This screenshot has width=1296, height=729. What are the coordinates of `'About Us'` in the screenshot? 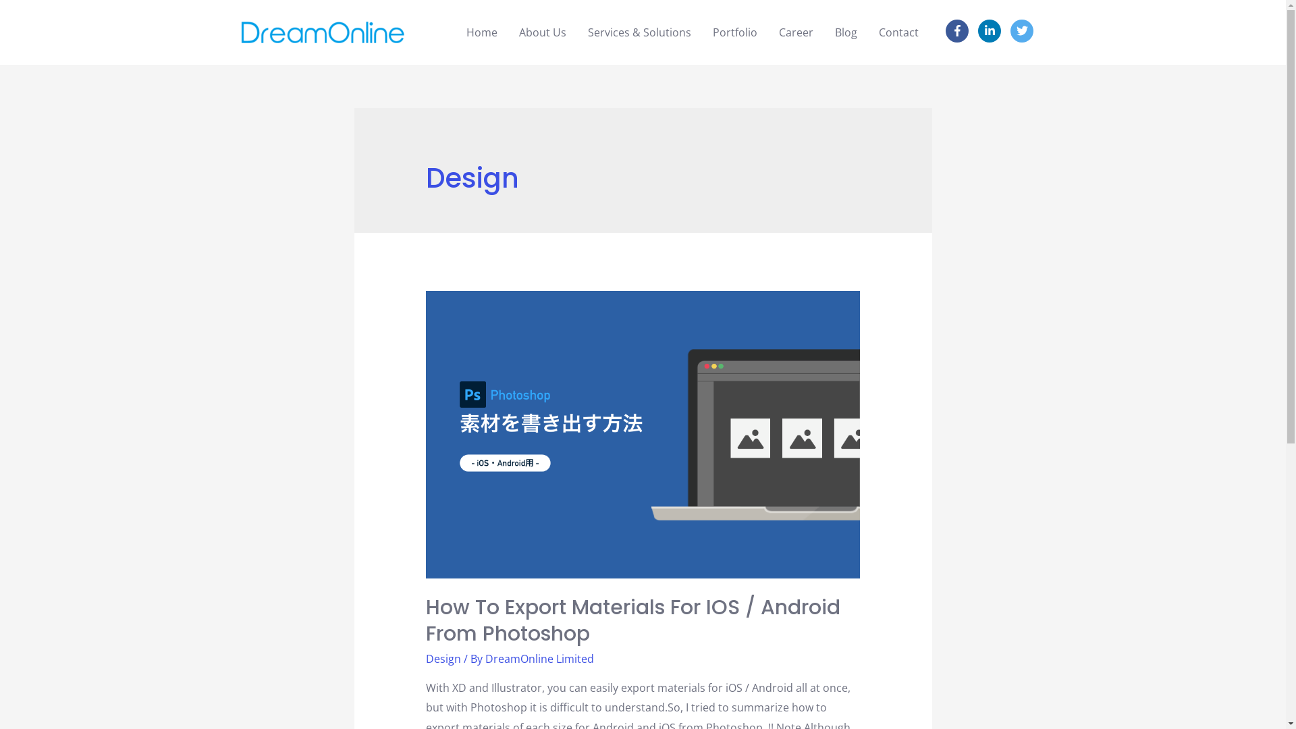 It's located at (543, 31).